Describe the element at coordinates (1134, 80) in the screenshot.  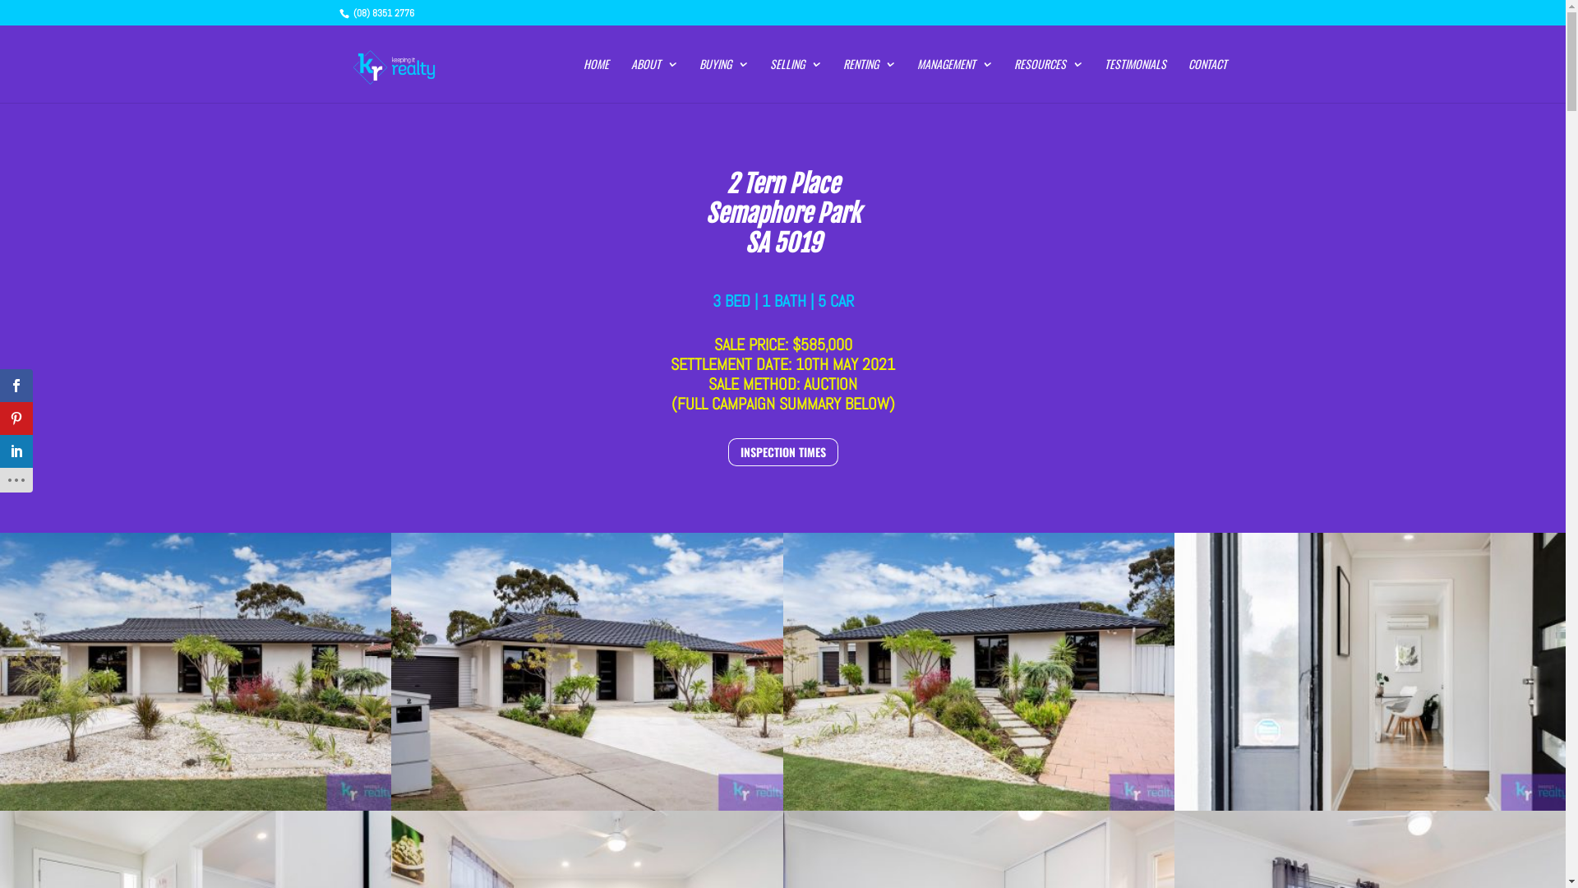
I see `'TESTIMONIALS'` at that location.